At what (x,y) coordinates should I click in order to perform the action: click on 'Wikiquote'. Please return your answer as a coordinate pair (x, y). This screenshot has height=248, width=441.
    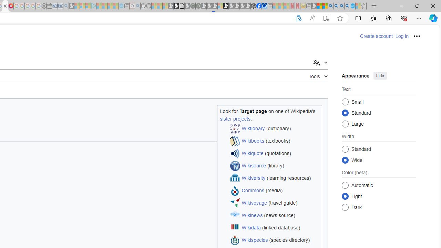
    Looking at the image, I should click on (252, 153).